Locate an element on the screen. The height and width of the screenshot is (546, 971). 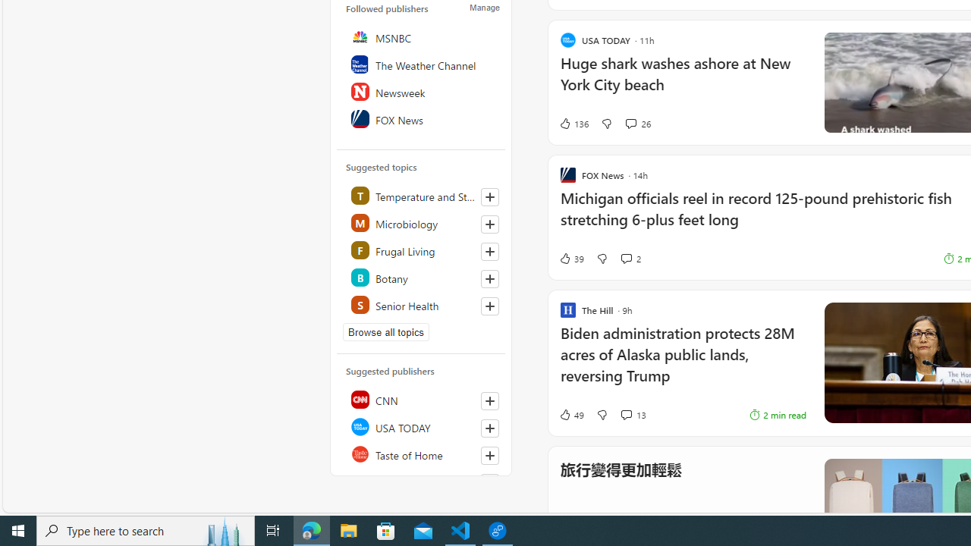
'USA TODAY' is located at coordinates (422, 427).